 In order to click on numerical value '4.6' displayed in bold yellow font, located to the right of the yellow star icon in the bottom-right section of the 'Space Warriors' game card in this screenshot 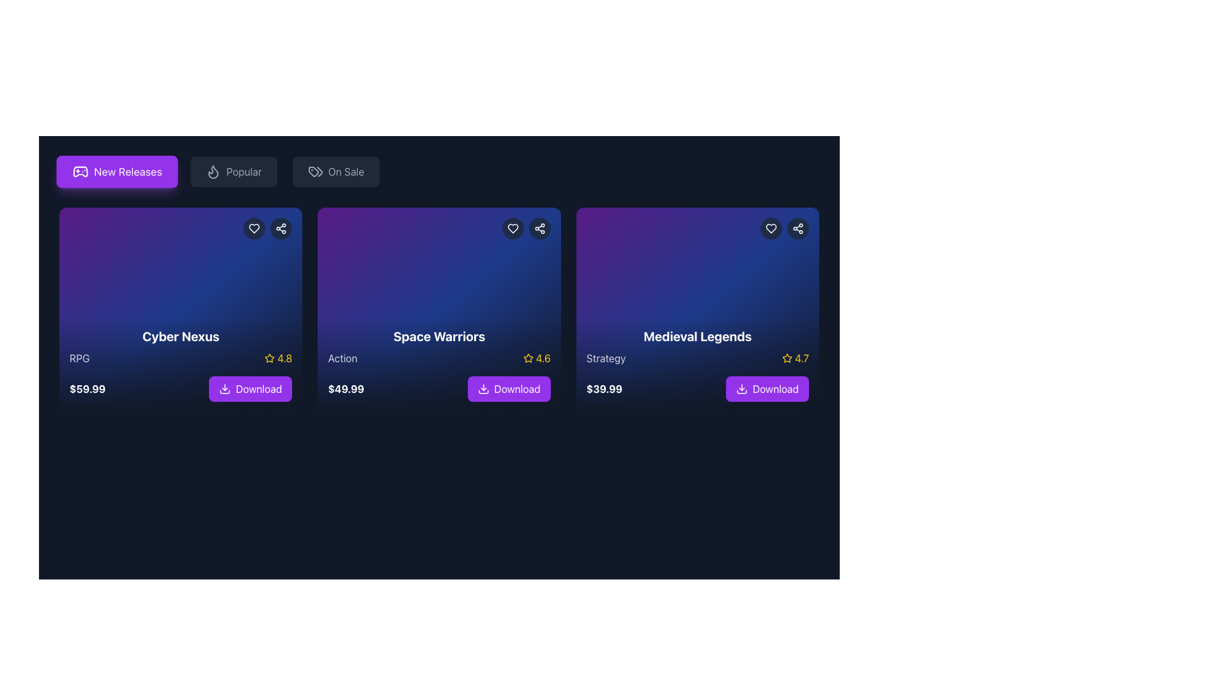, I will do `click(543, 358)`.